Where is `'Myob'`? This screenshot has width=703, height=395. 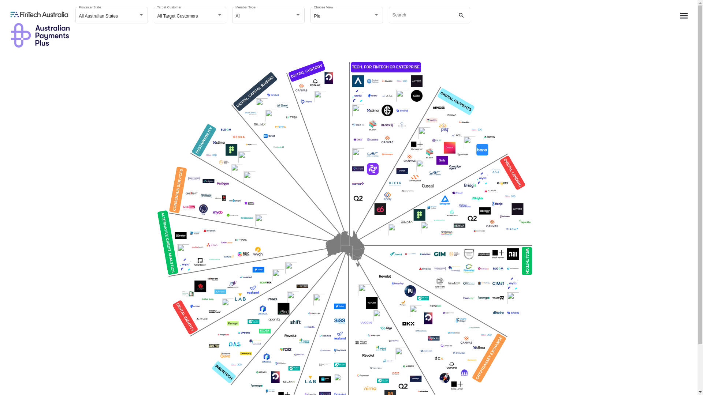
'Myob' is located at coordinates (217, 212).